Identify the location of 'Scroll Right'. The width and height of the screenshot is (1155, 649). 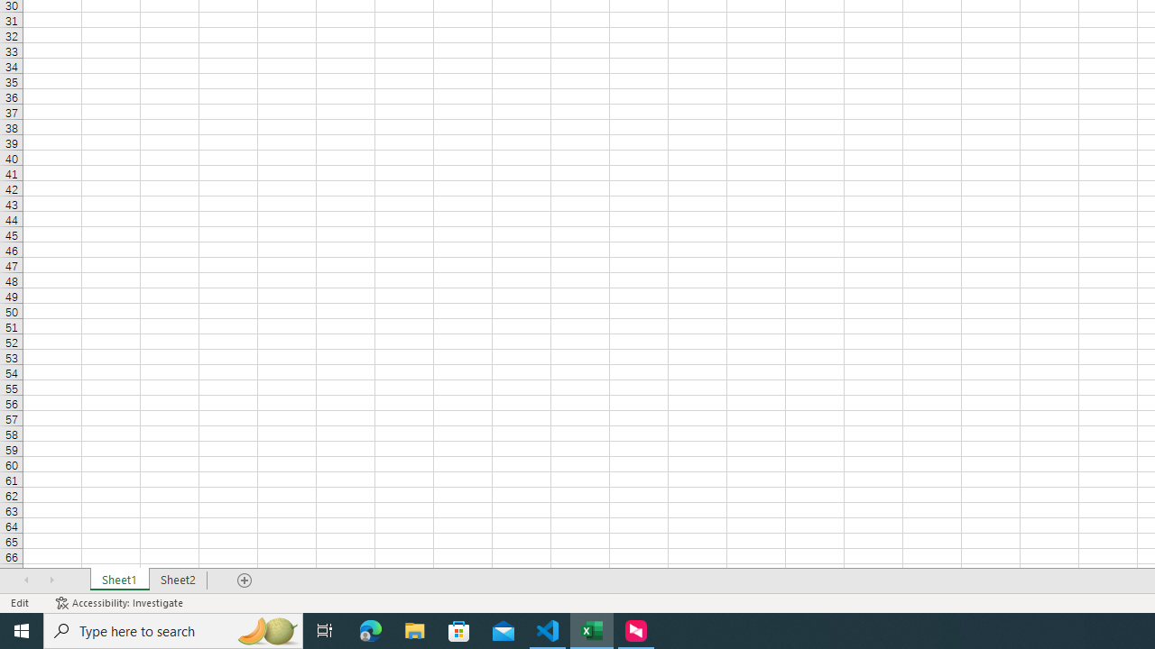
(51, 580).